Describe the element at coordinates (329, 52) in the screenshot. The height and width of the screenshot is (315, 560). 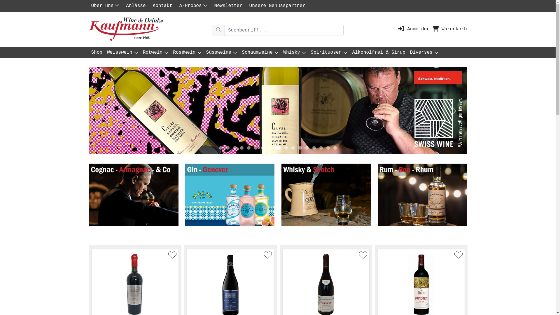
I see `'Spirituosen'` at that location.